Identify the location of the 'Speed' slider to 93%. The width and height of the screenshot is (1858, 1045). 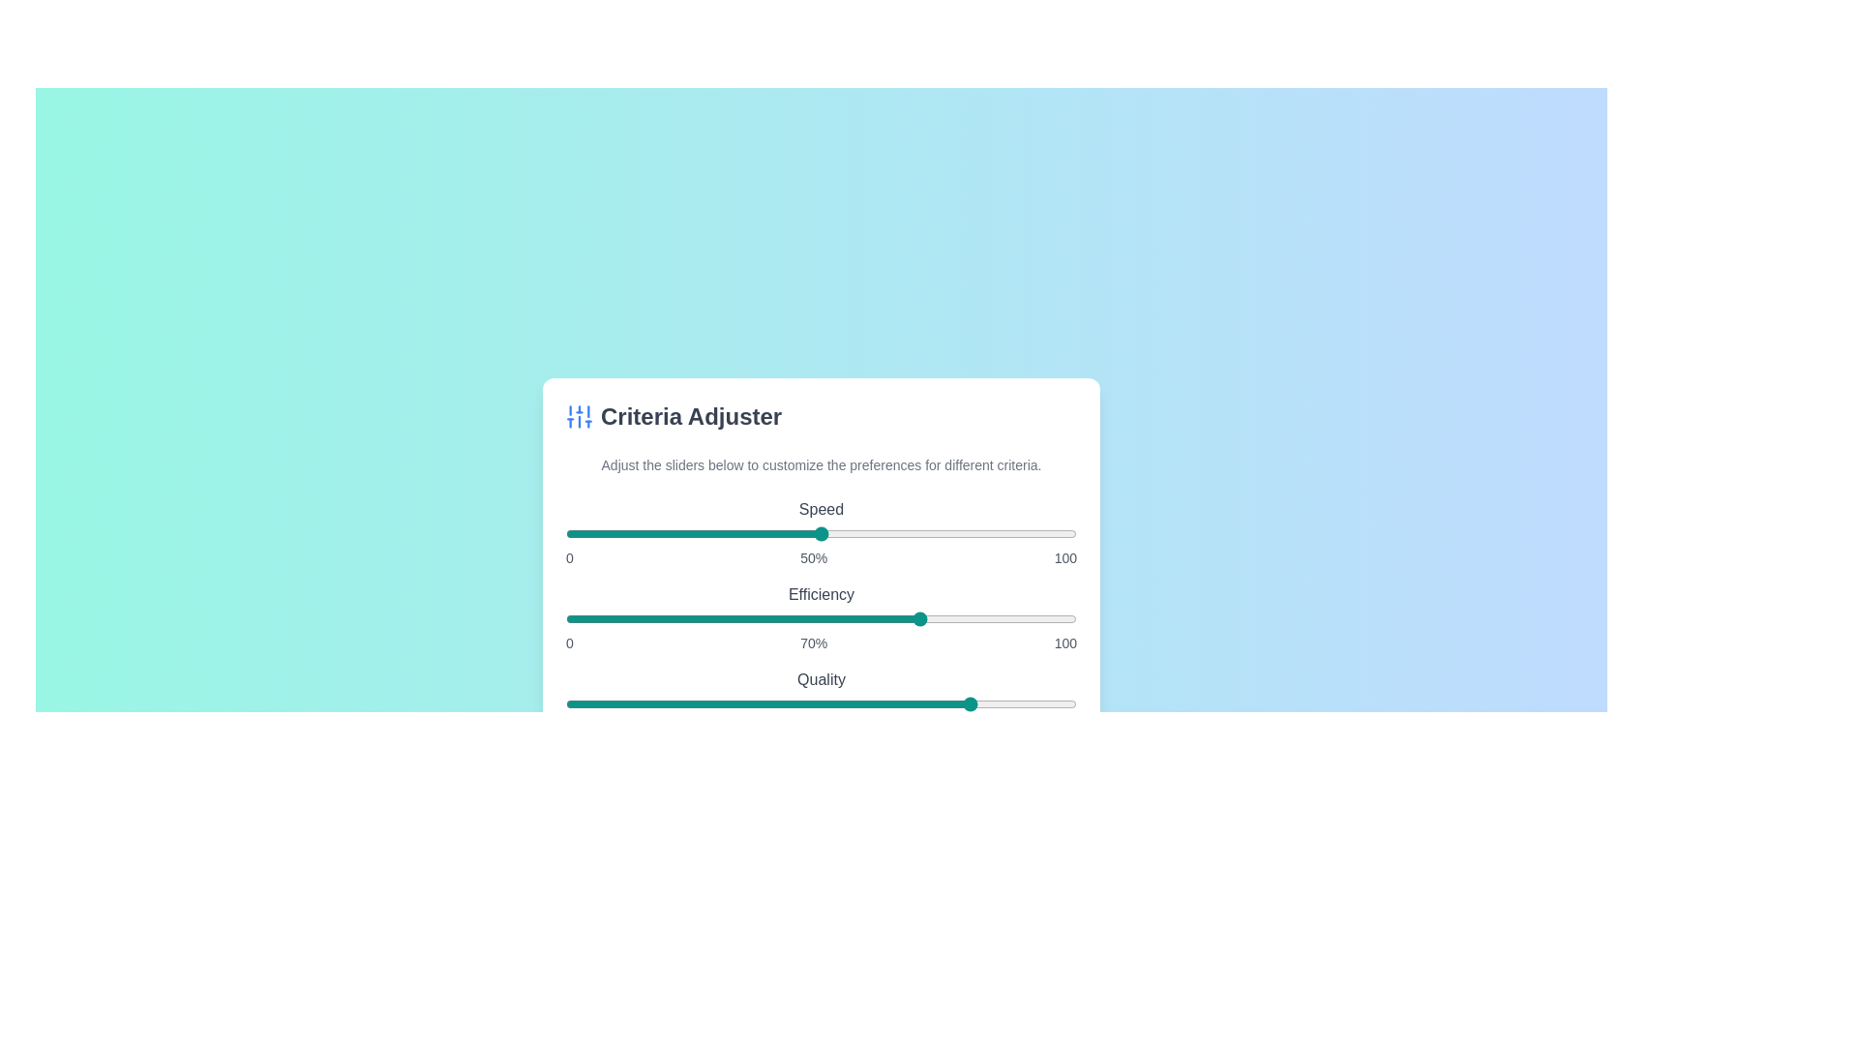
(1039, 533).